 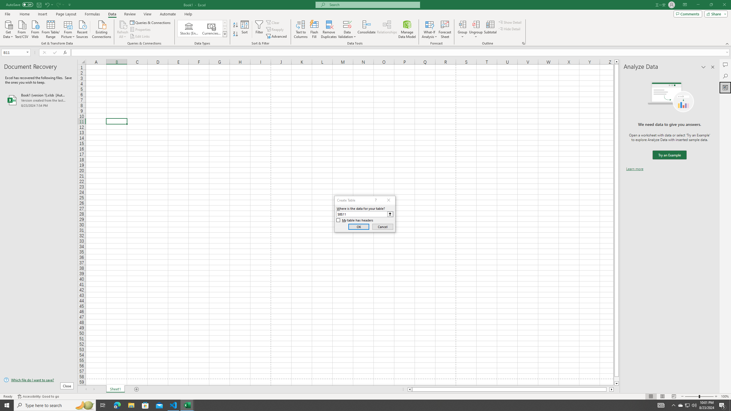 I want to click on 'Task Pane Options', so click(x=703, y=67).